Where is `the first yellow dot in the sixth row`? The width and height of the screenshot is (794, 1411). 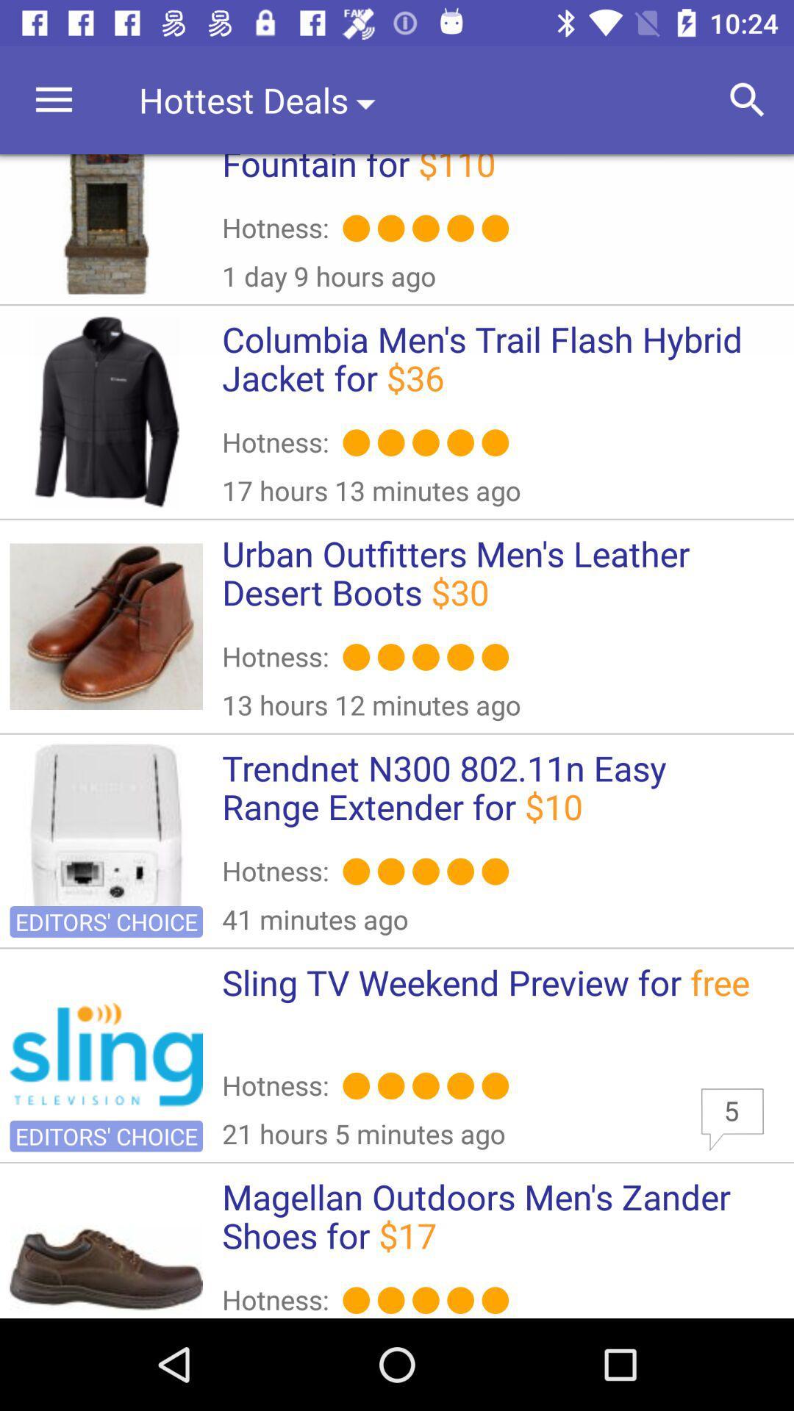
the first yellow dot in the sixth row is located at coordinates (357, 1300).